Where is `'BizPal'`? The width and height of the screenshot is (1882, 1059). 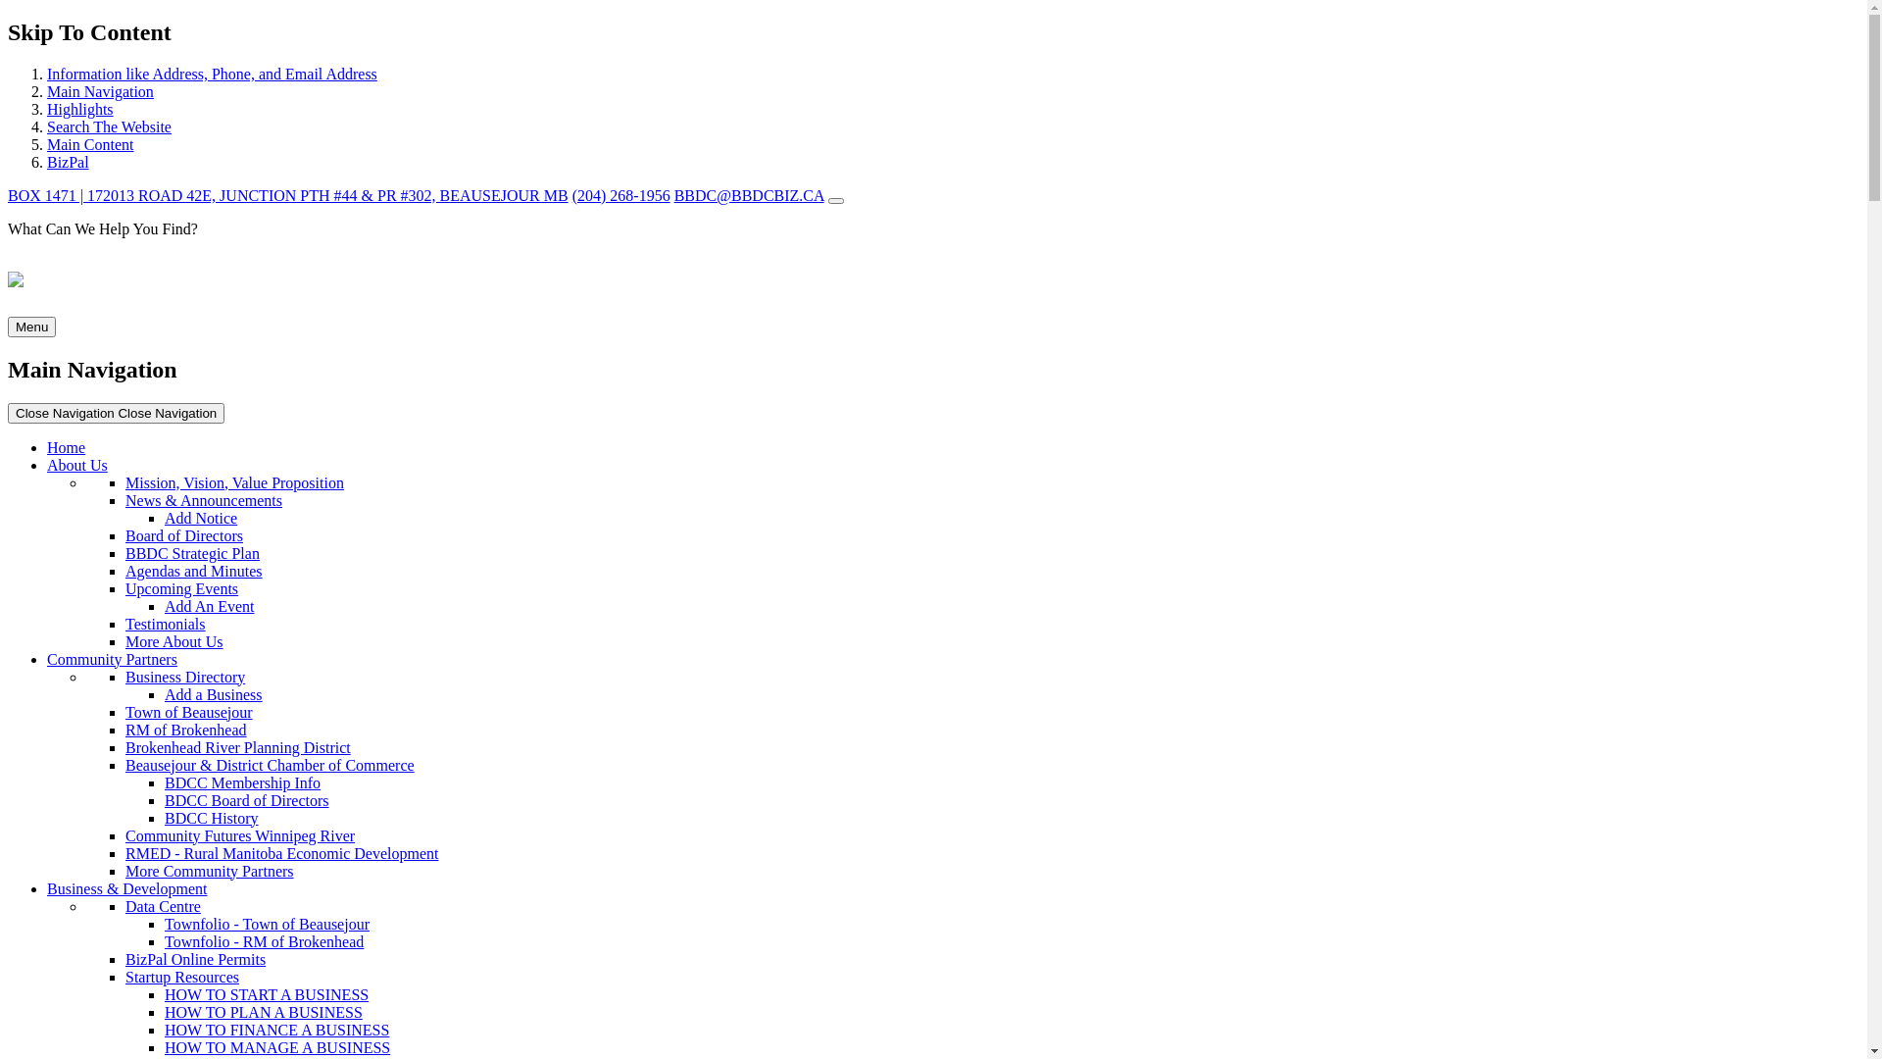 'BizPal' is located at coordinates (47, 161).